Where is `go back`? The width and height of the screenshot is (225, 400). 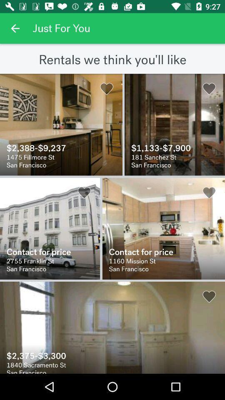 go back is located at coordinates (15, 28).